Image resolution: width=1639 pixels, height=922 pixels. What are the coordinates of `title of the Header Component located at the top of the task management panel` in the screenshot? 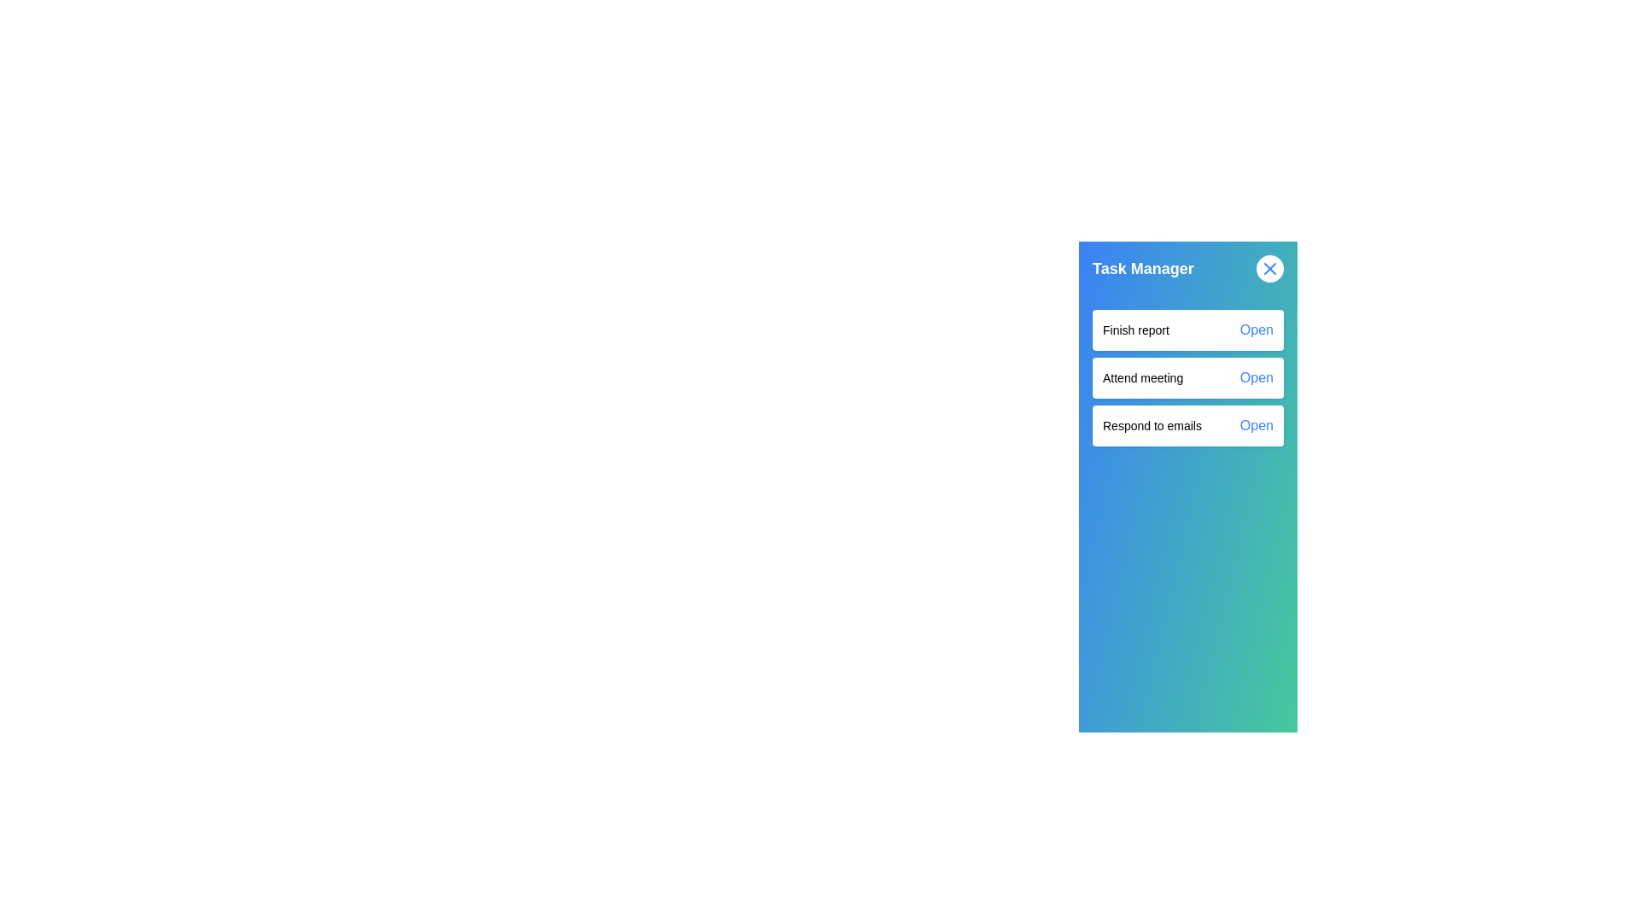 It's located at (1187, 269).